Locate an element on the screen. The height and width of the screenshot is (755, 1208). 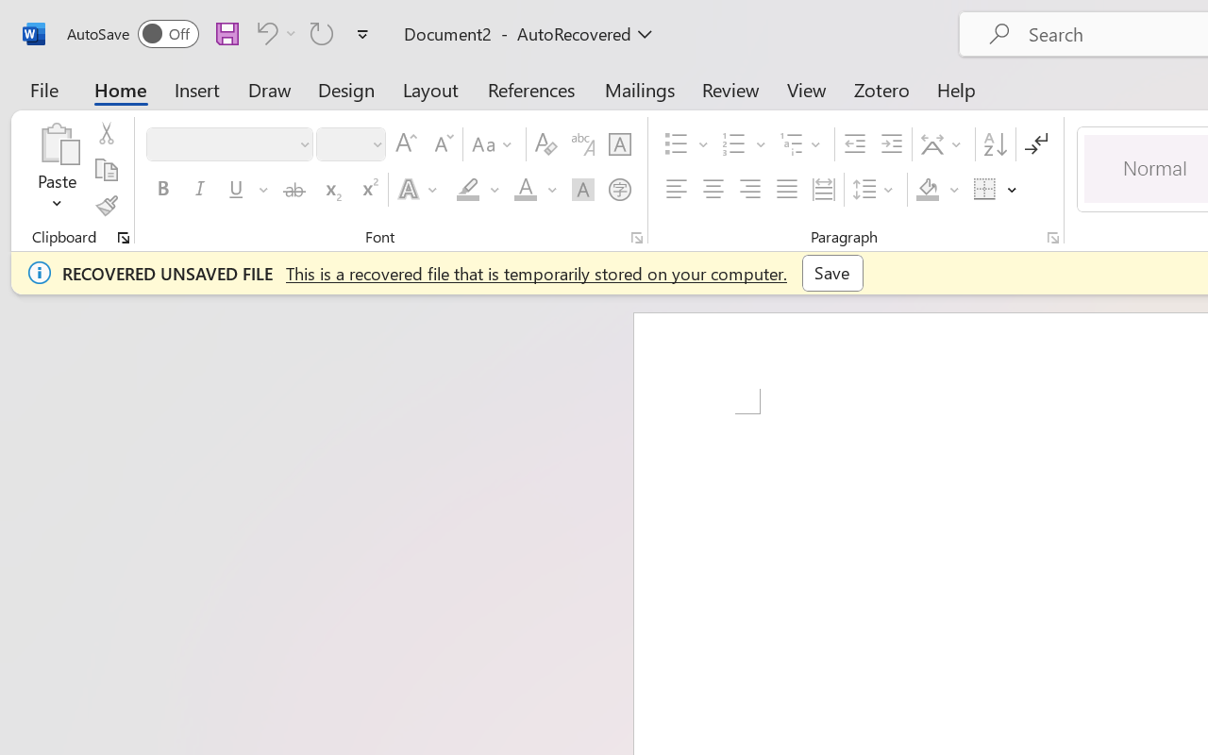
'Text Effects and Typography' is located at coordinates (418, 190).